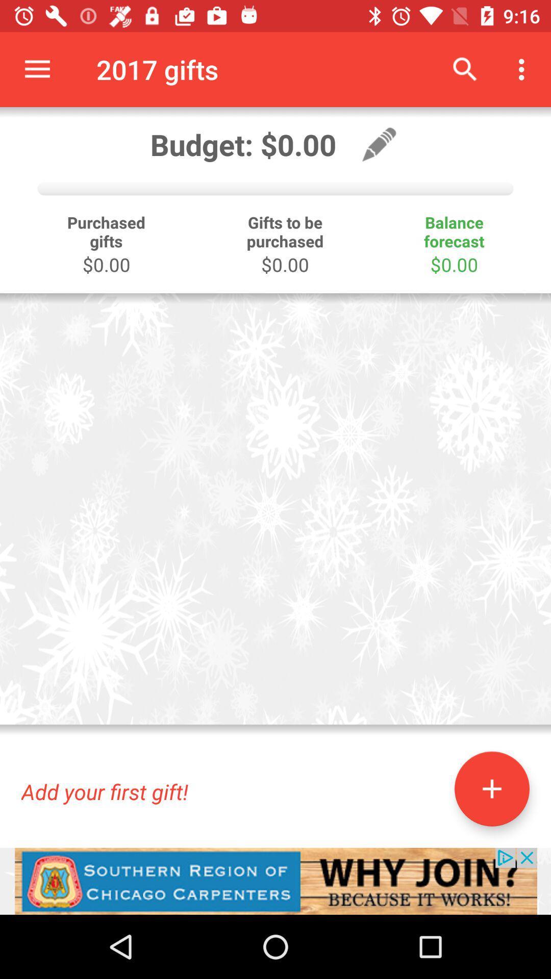 The image size is (551, 979). Describe the element at coordinates (491, 788) in the screenshot. I see `the add icon` at that location.